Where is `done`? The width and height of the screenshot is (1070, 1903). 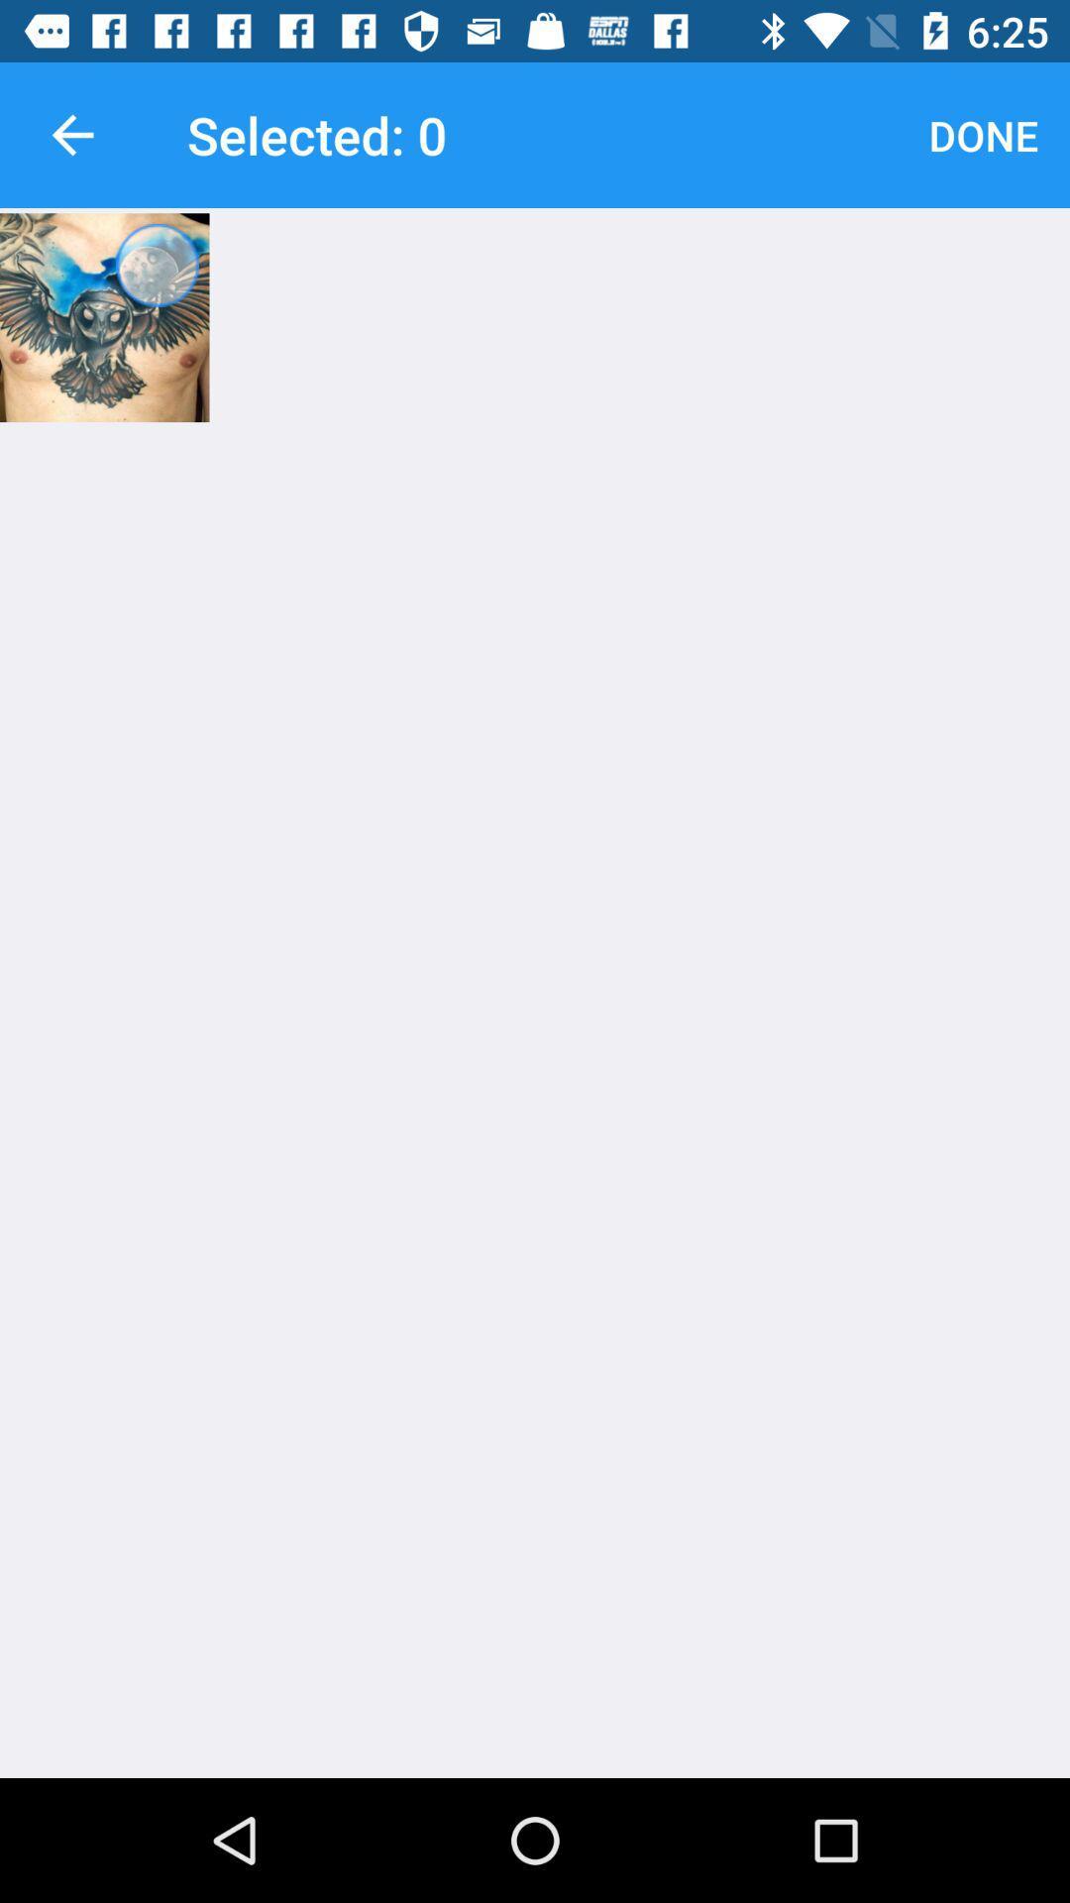 done is located at coordinates (983, 134).